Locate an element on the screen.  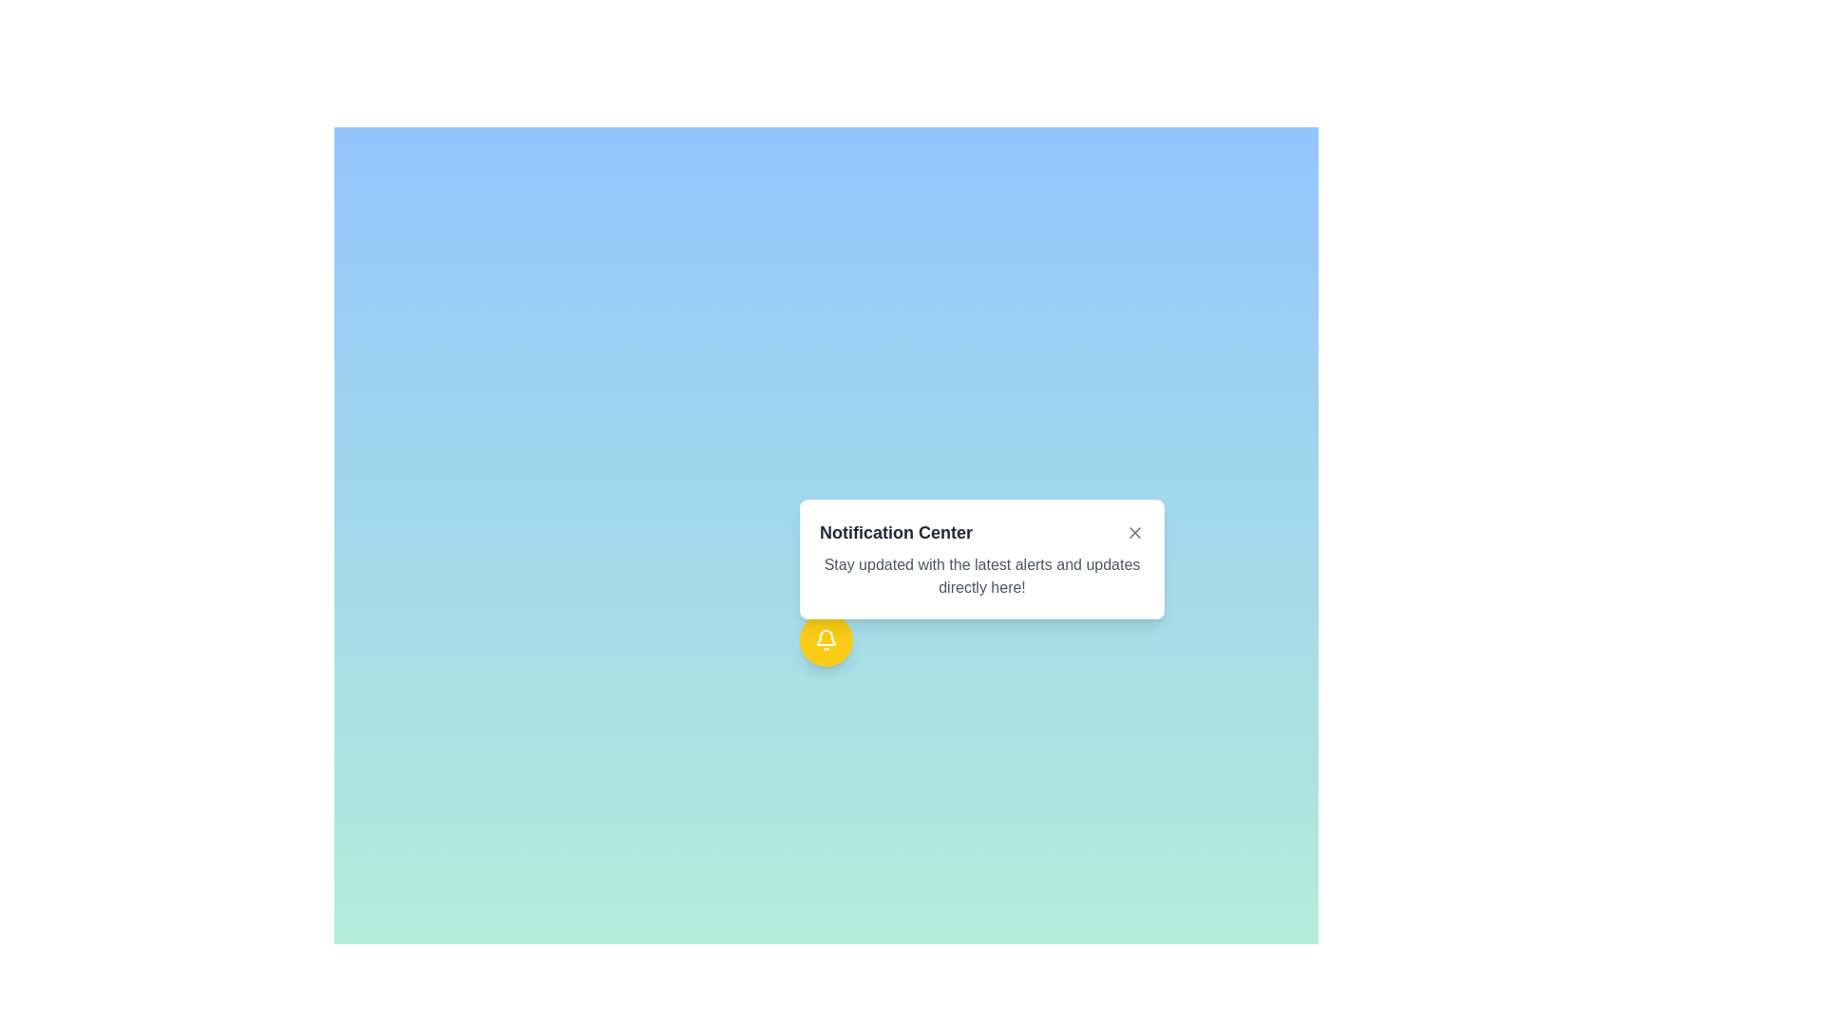
the Close button icon (an 'X' shape) located at the top right corner of the Notification Center popup is located at coordinates (1135, 532).